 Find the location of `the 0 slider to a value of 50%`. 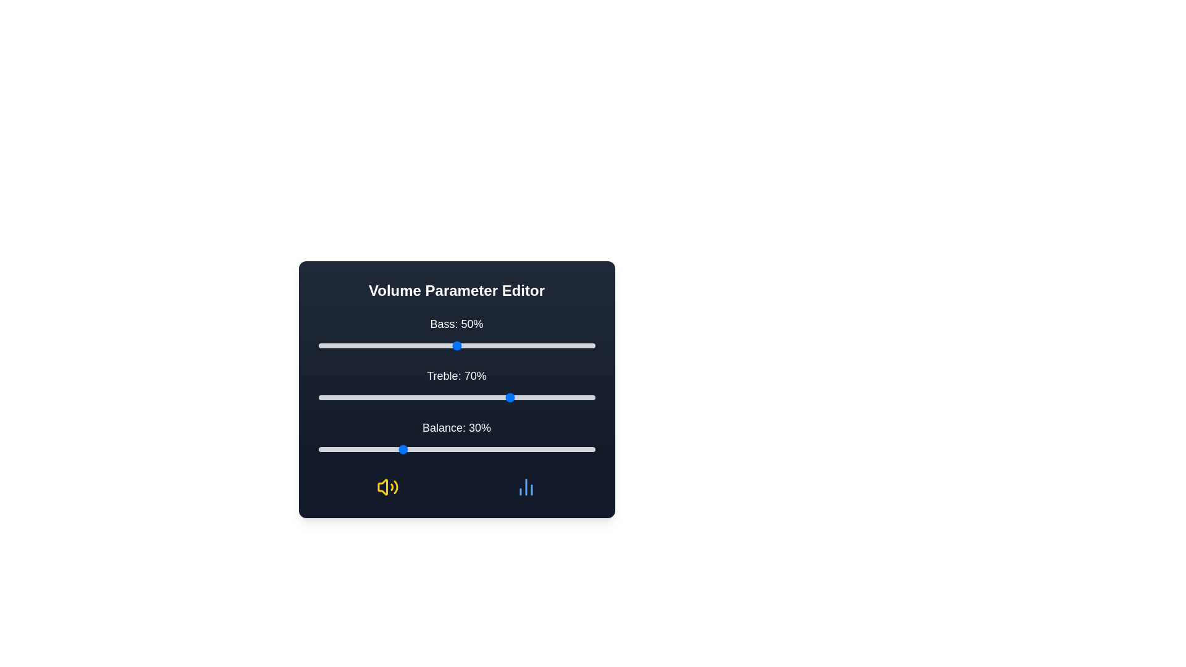

the 0 slider to a value of 50% is located at coordinates (456, 345).